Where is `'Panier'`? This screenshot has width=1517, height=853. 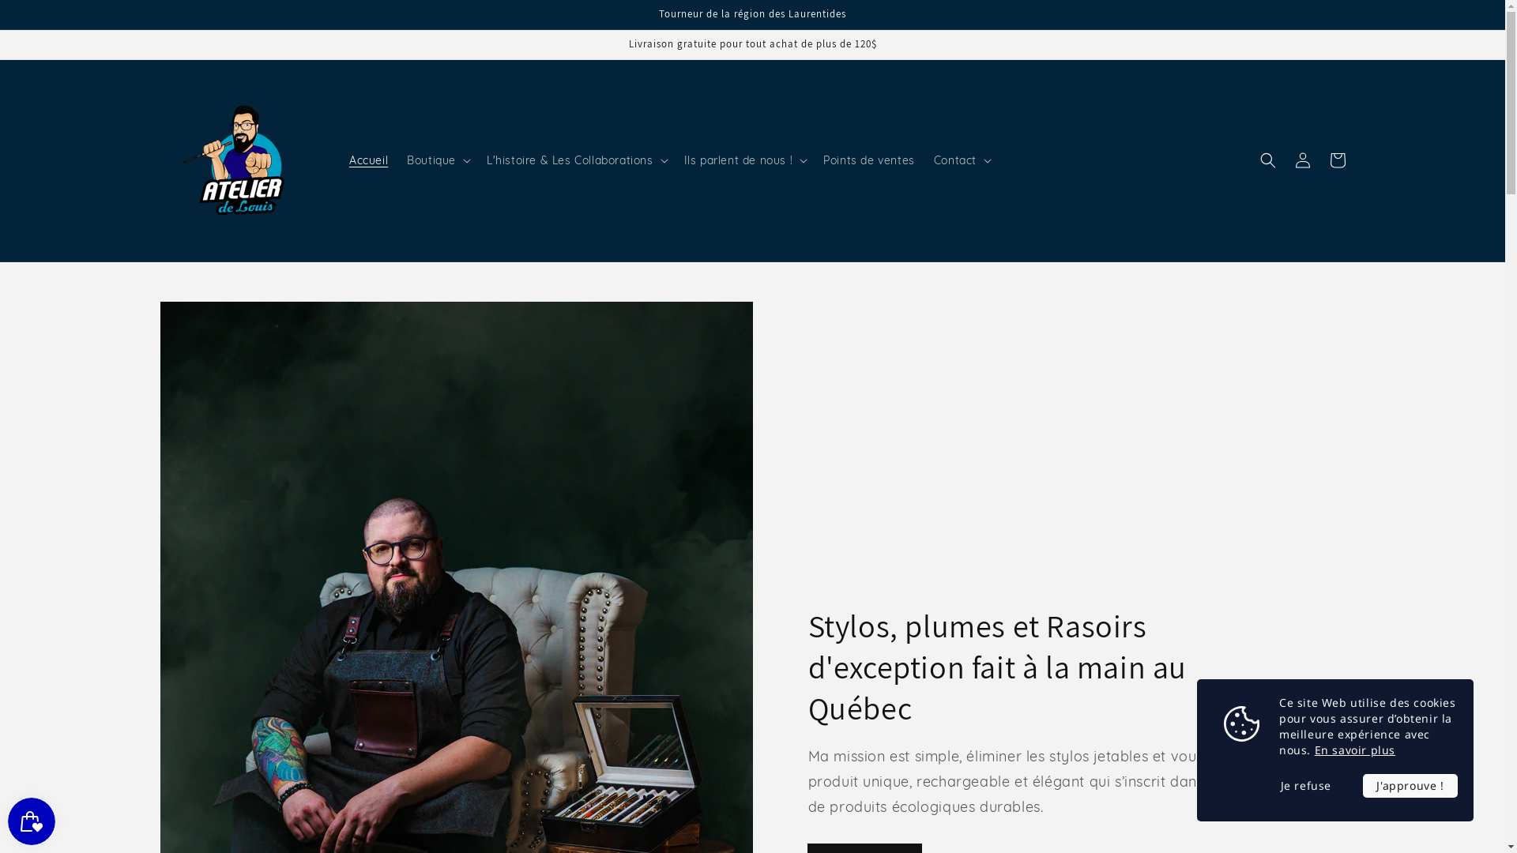
'Panier' is located at coordinates (1335, 160).